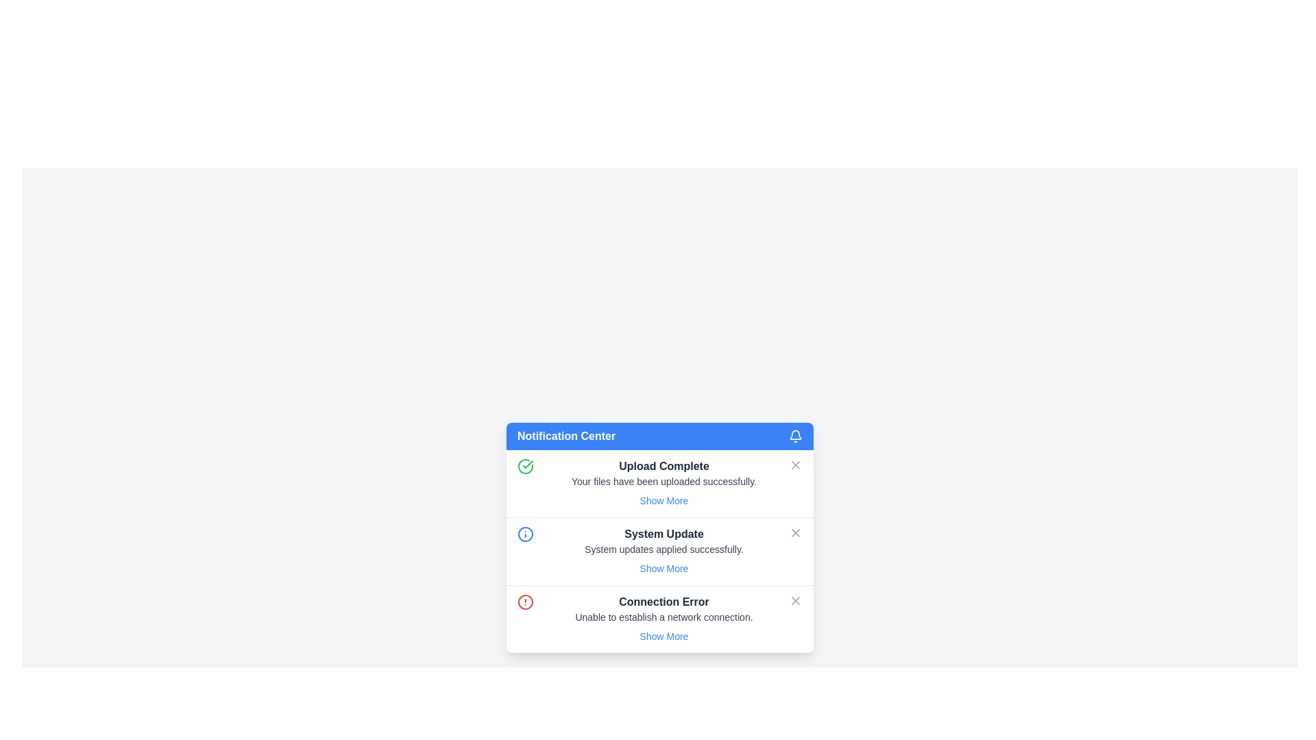  I want to click on the error icon located on the left side of the 'Connection Error' notification card in the notification center to indicate a connectivity issue, so click(525, 602).